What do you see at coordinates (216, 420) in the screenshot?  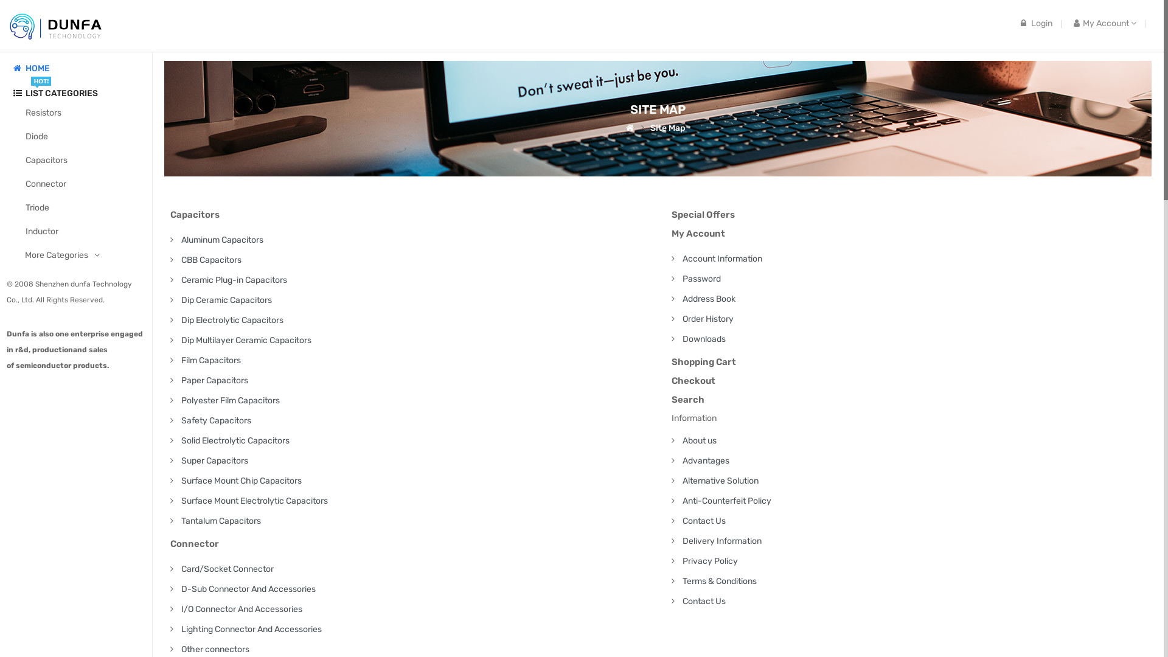 I see `'Safety Capacitors'` at bounding box center [216, 420].